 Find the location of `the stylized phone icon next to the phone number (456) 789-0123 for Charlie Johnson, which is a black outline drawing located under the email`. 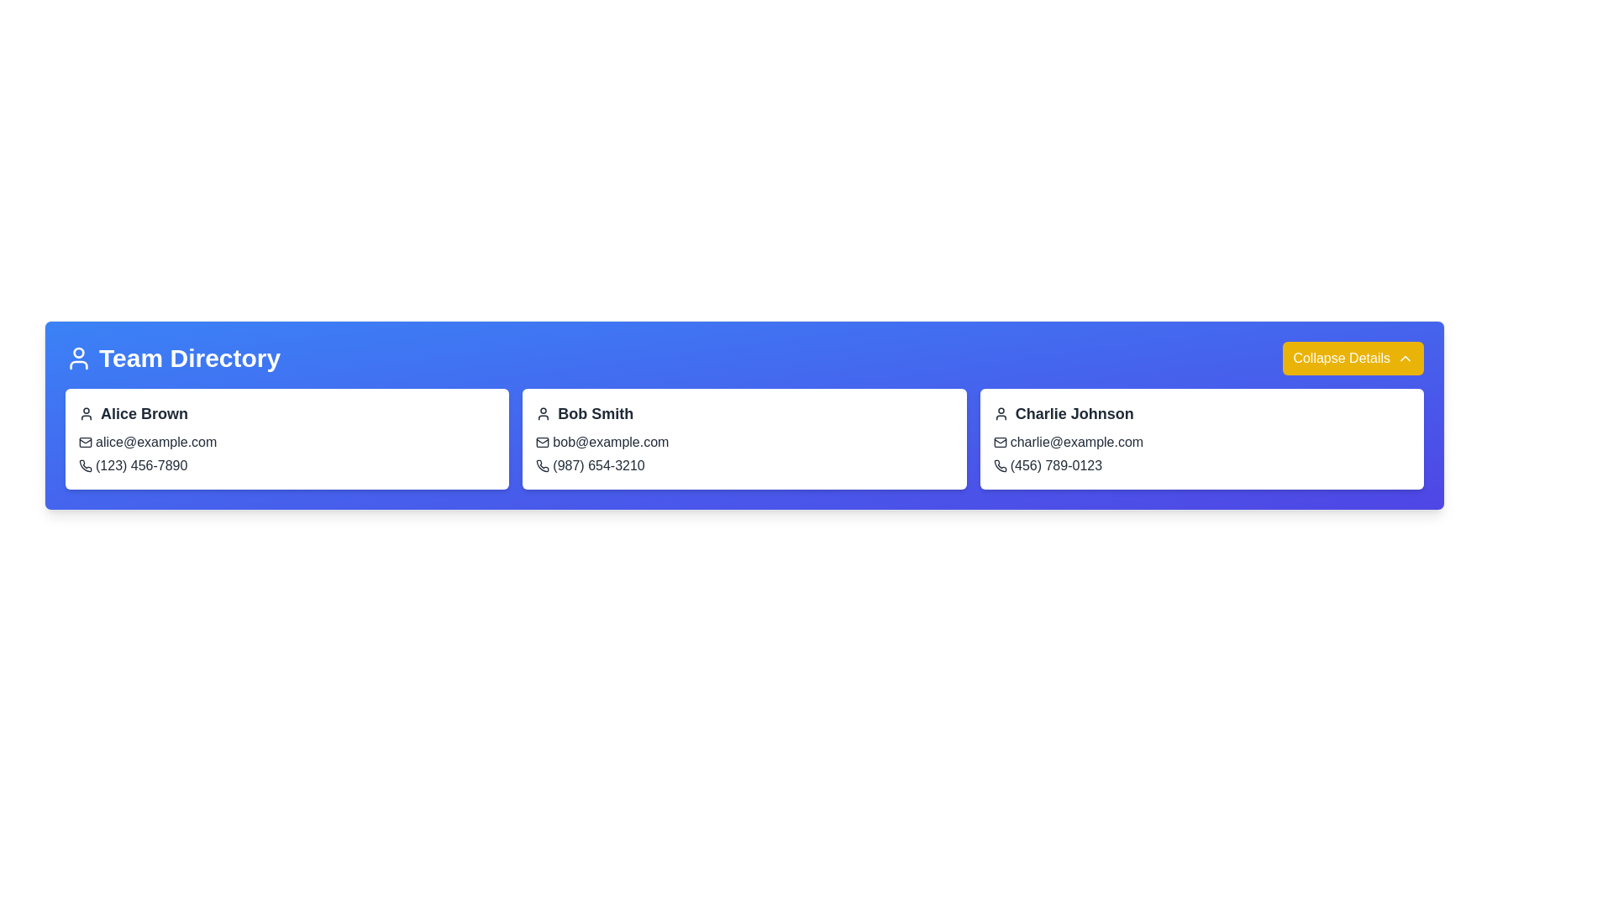

the stylized phone icon next to the phone number (456) 789-0123 for Charlie Johnson, which is a black outline drawing located under the email is located at coordinates (1000, 466).